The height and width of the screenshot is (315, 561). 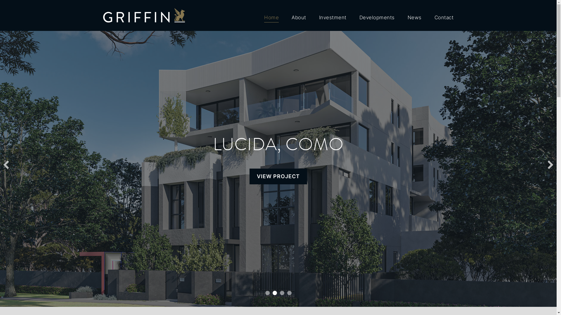 I want to click on 'VIEW PROJECT', so click(x=281, y=176).